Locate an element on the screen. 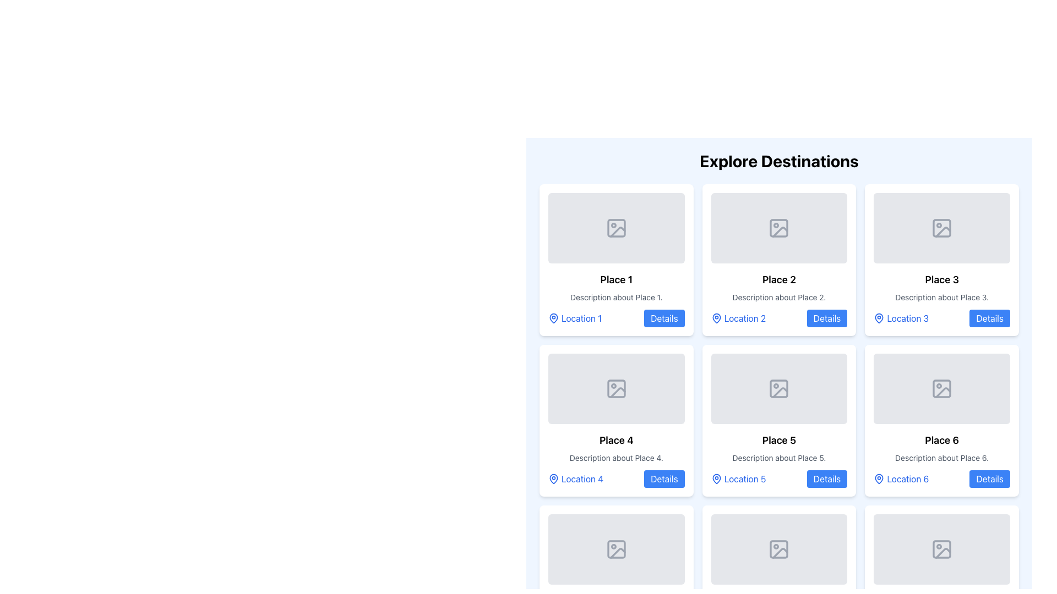 The height and width of the screenshot is (594, 1057). the 'Location 6' link in the bottom-right of the 'Place 6' box to interact with it is located at coordinates (941, 479).